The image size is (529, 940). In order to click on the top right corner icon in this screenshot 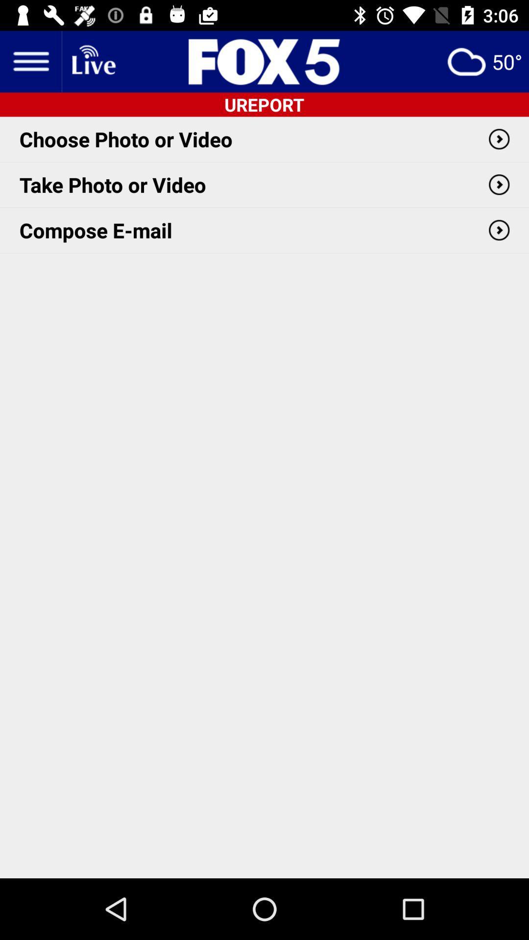, I will do `click(484, 61)`.